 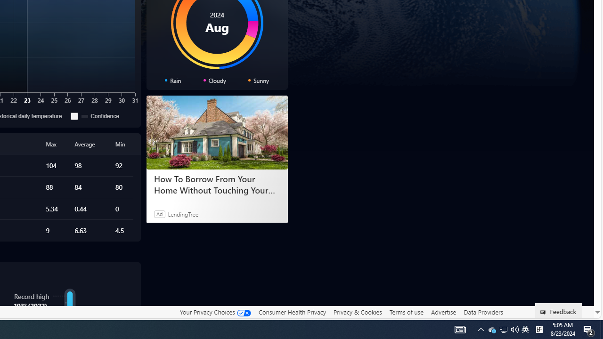 What do you see at coordinates (214, 312) in the screenshot?
I see `'Your Privacy Choices'` at bounding box center [214, 312].